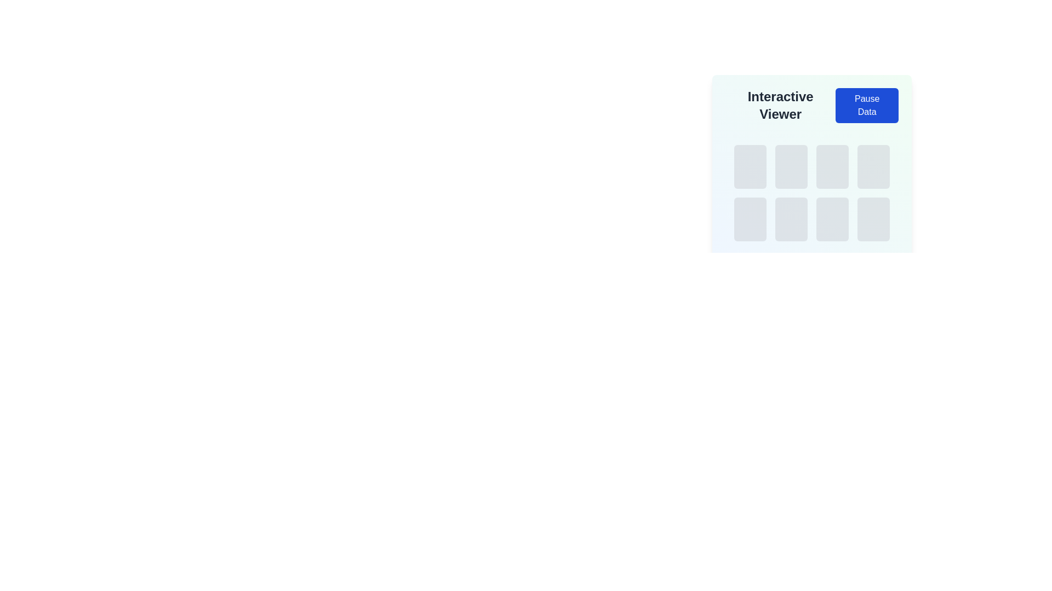 The image size is (1052, 591). Describe the element at coordinates (866, 105) in the screenshot. I see `the pause button located to the right of the 'Interactive Viewer' text` at that location.